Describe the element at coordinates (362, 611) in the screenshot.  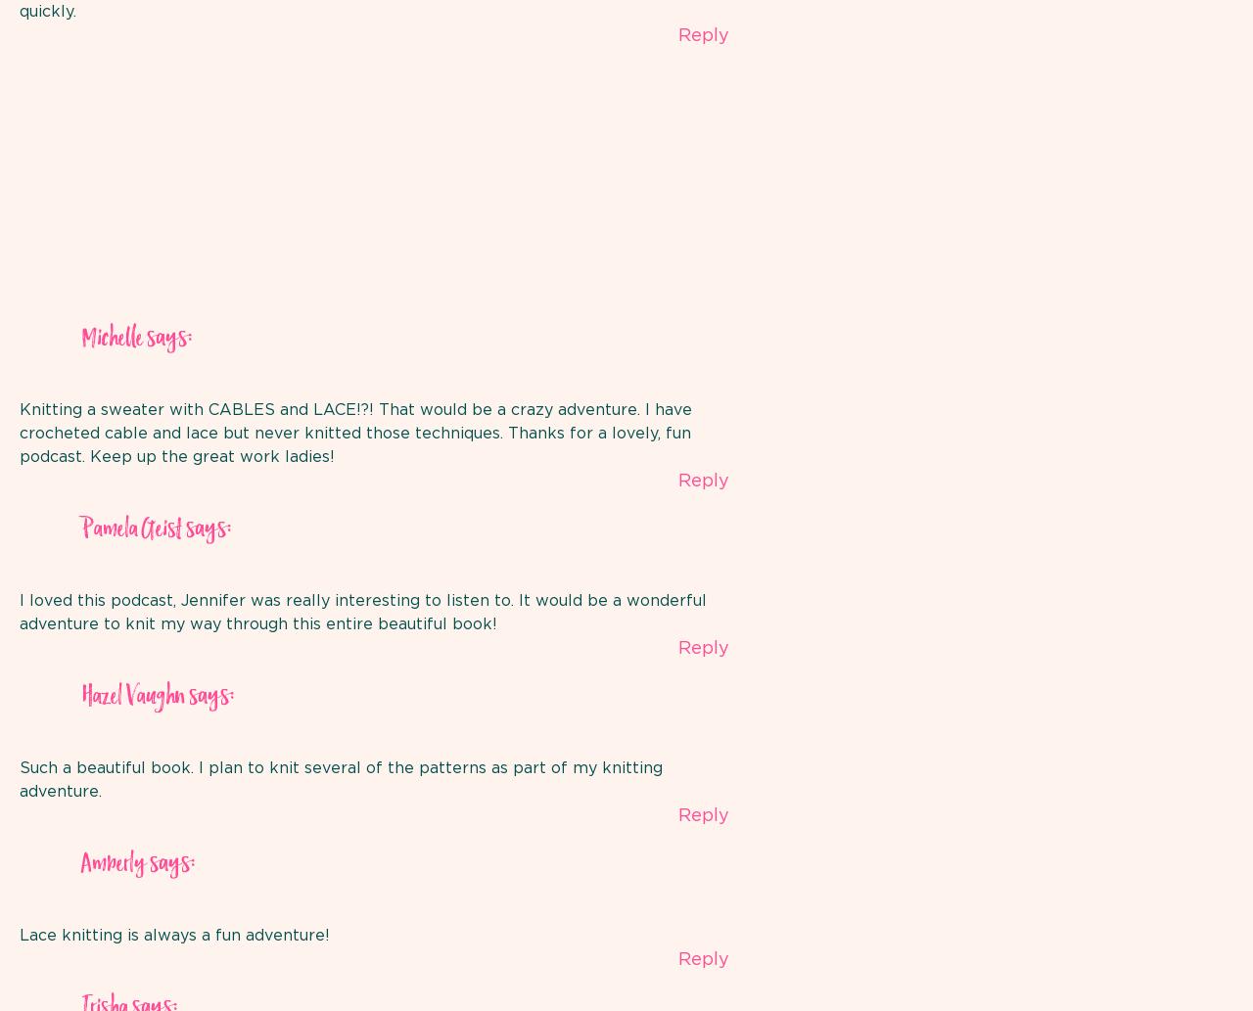
I see `'I loved this podcast, Jennifer was really interesting to listen to. It would be a wonderful adventure to knit my way through this entire beautiful book!'` at that location.